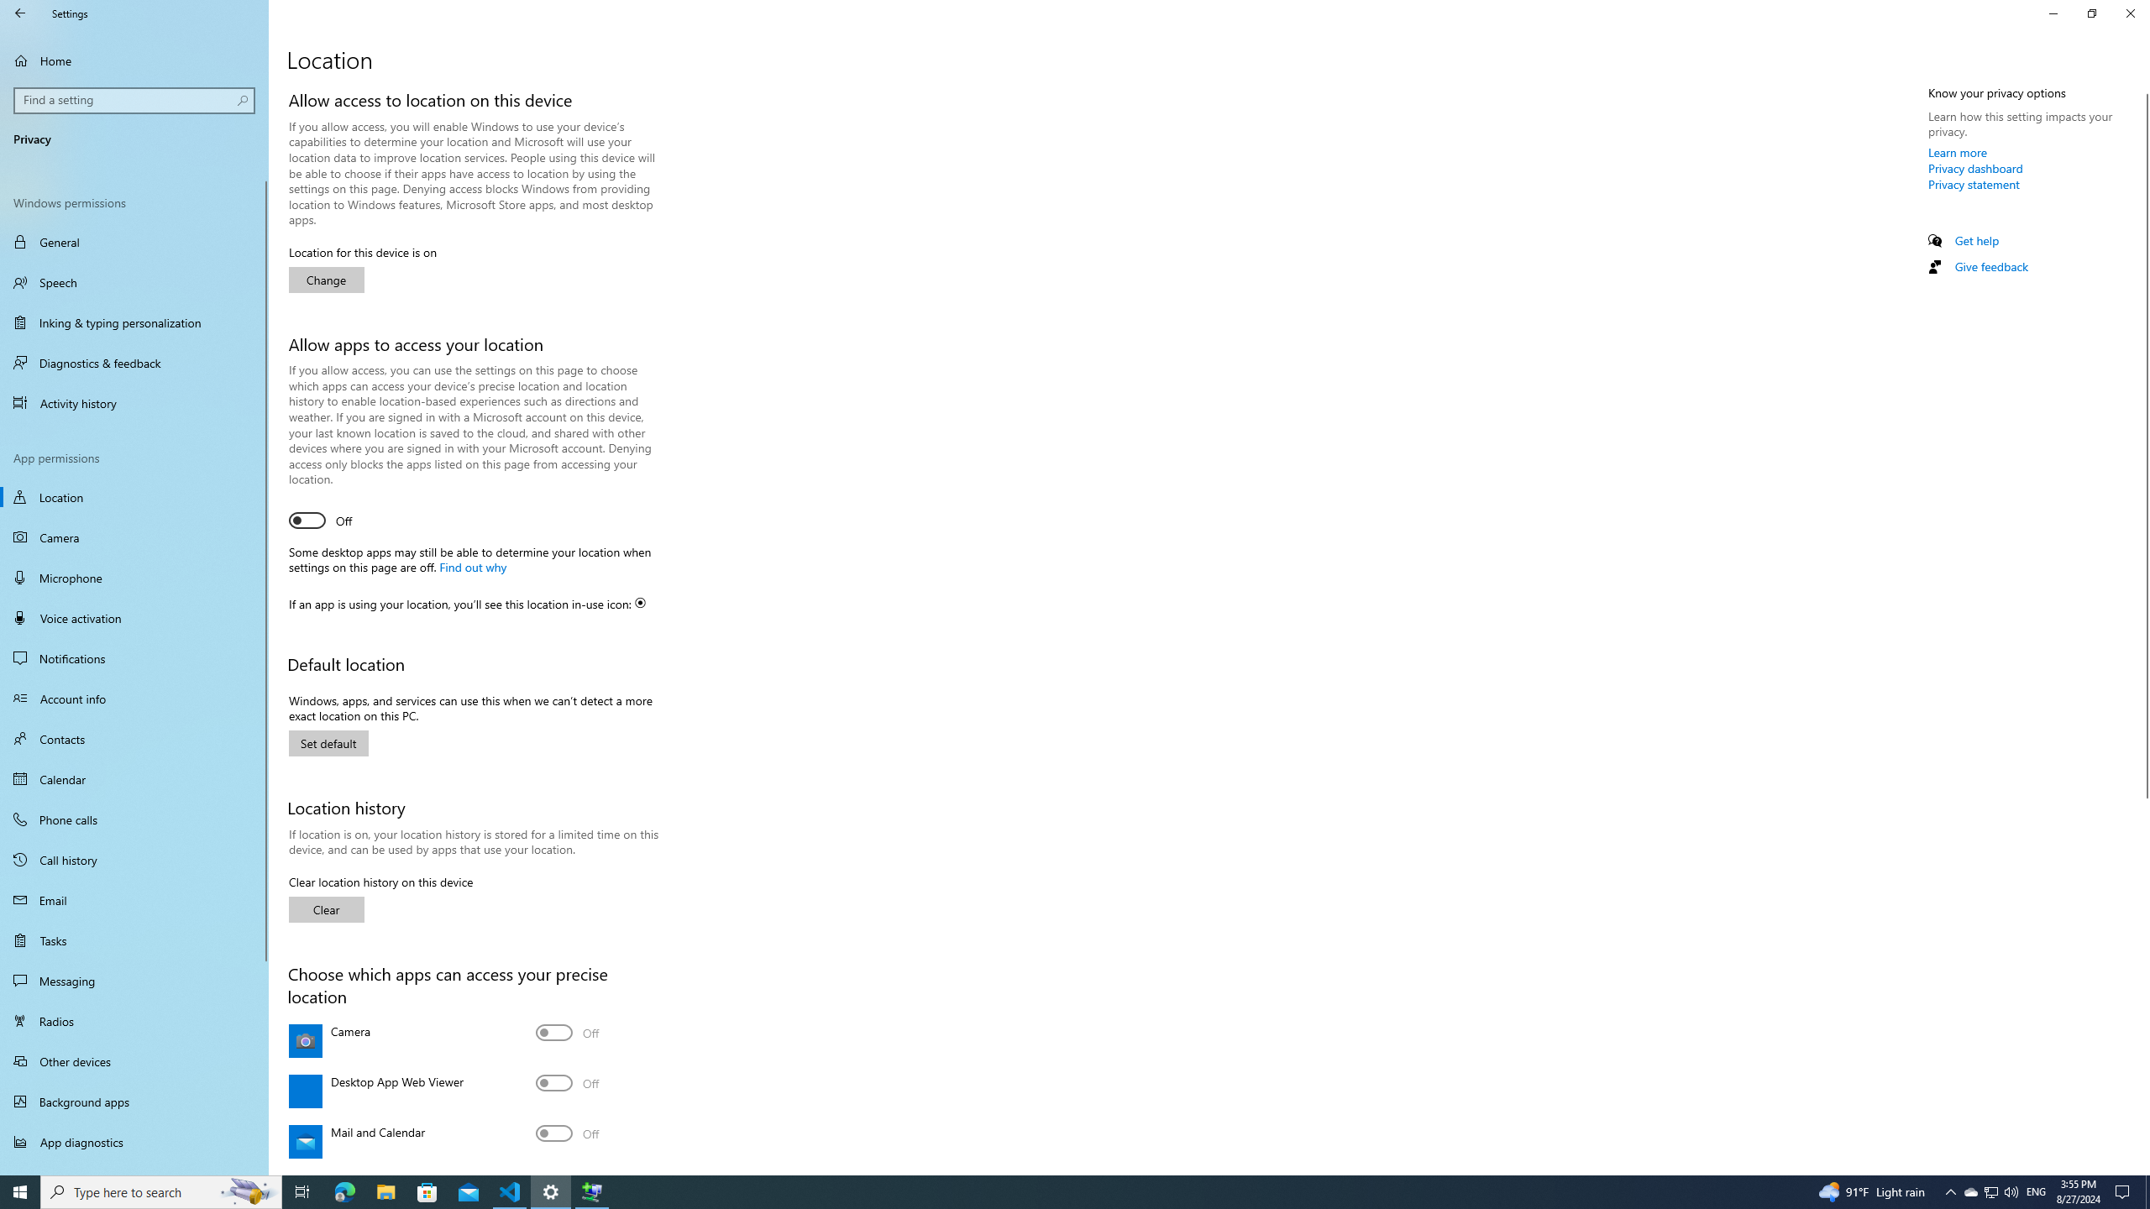  Describe the element at coordinates (134, 1141) in the screenshot. I see `'App diagnostics'` at that location.